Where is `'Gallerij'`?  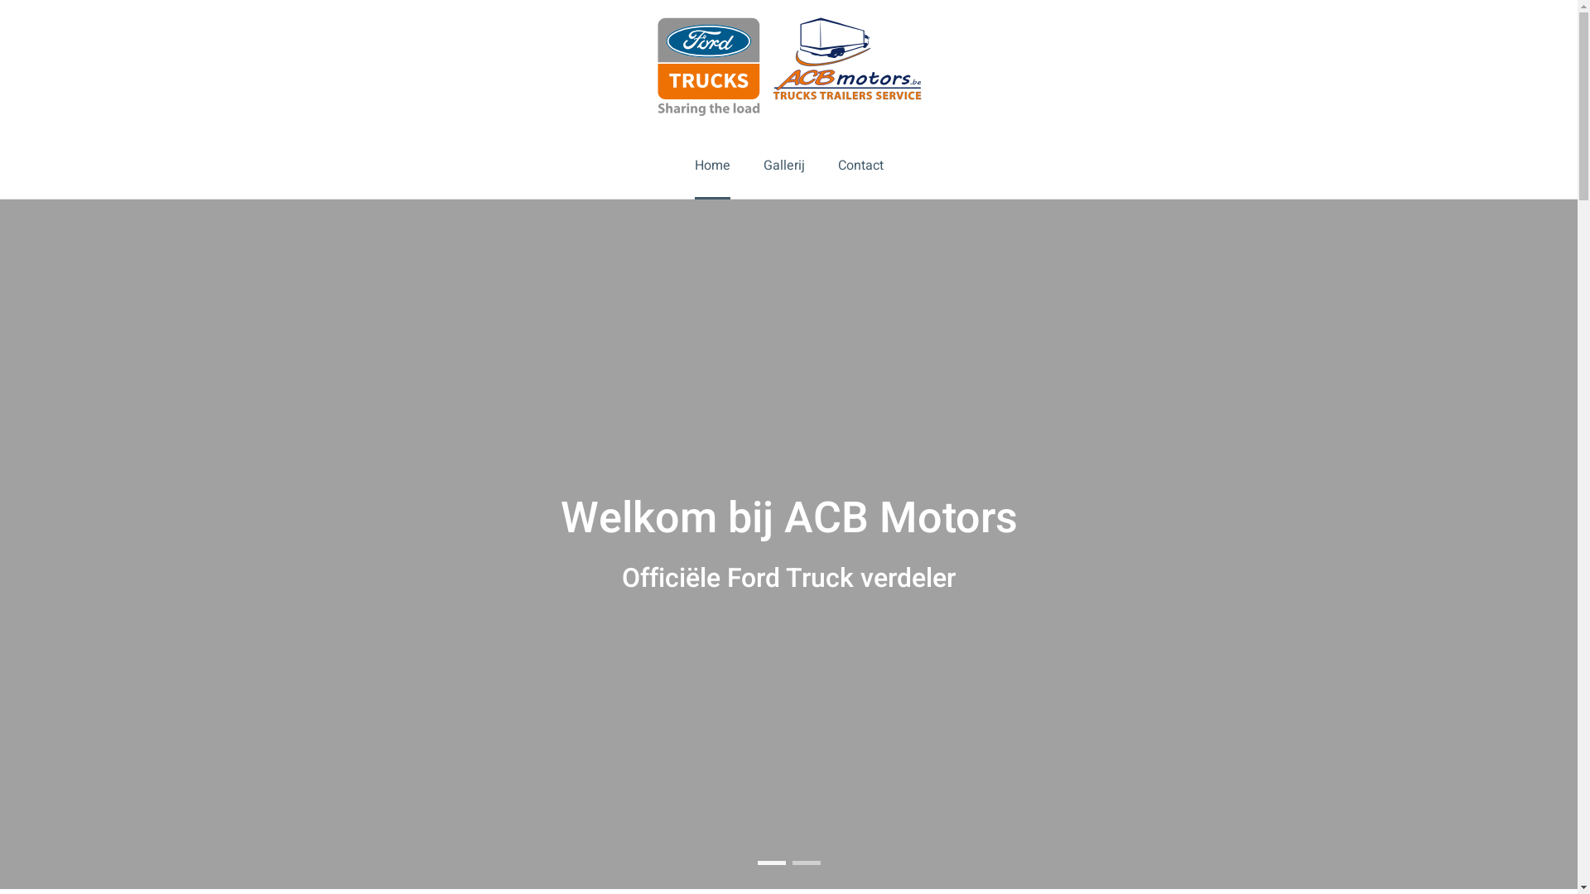
'Gallerij' is located at coordinates (783, 166).